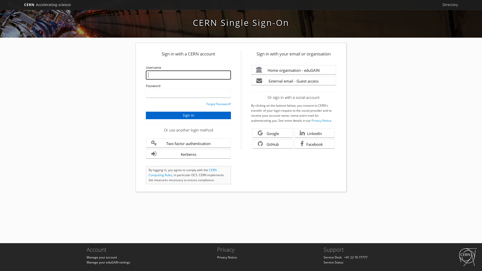 The image size is (482, 271). What do you see at coordinates (272, 133) in the screenshot?
I see `'Google'` at bounding box center [272, 133].